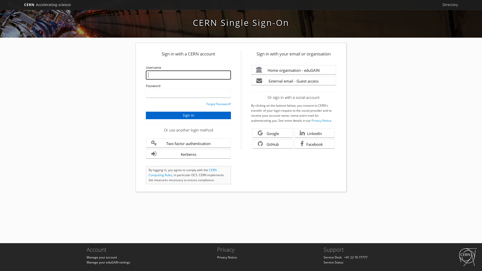 The image size is (482, 271). What do you see at coordinates (272, 133) in the screenshot?
I see `'Google'` at bounding box center [272, 133].